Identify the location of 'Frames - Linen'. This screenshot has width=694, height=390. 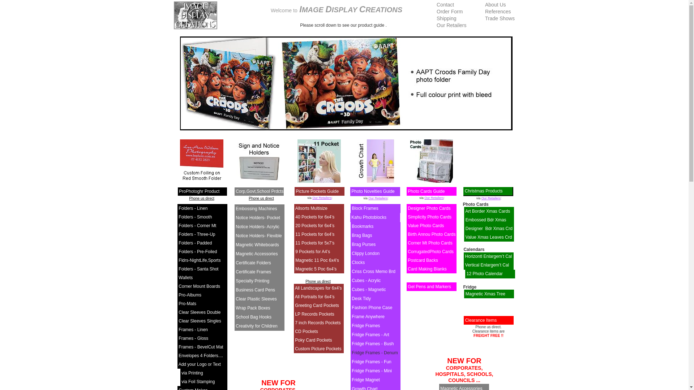
(179, 330).